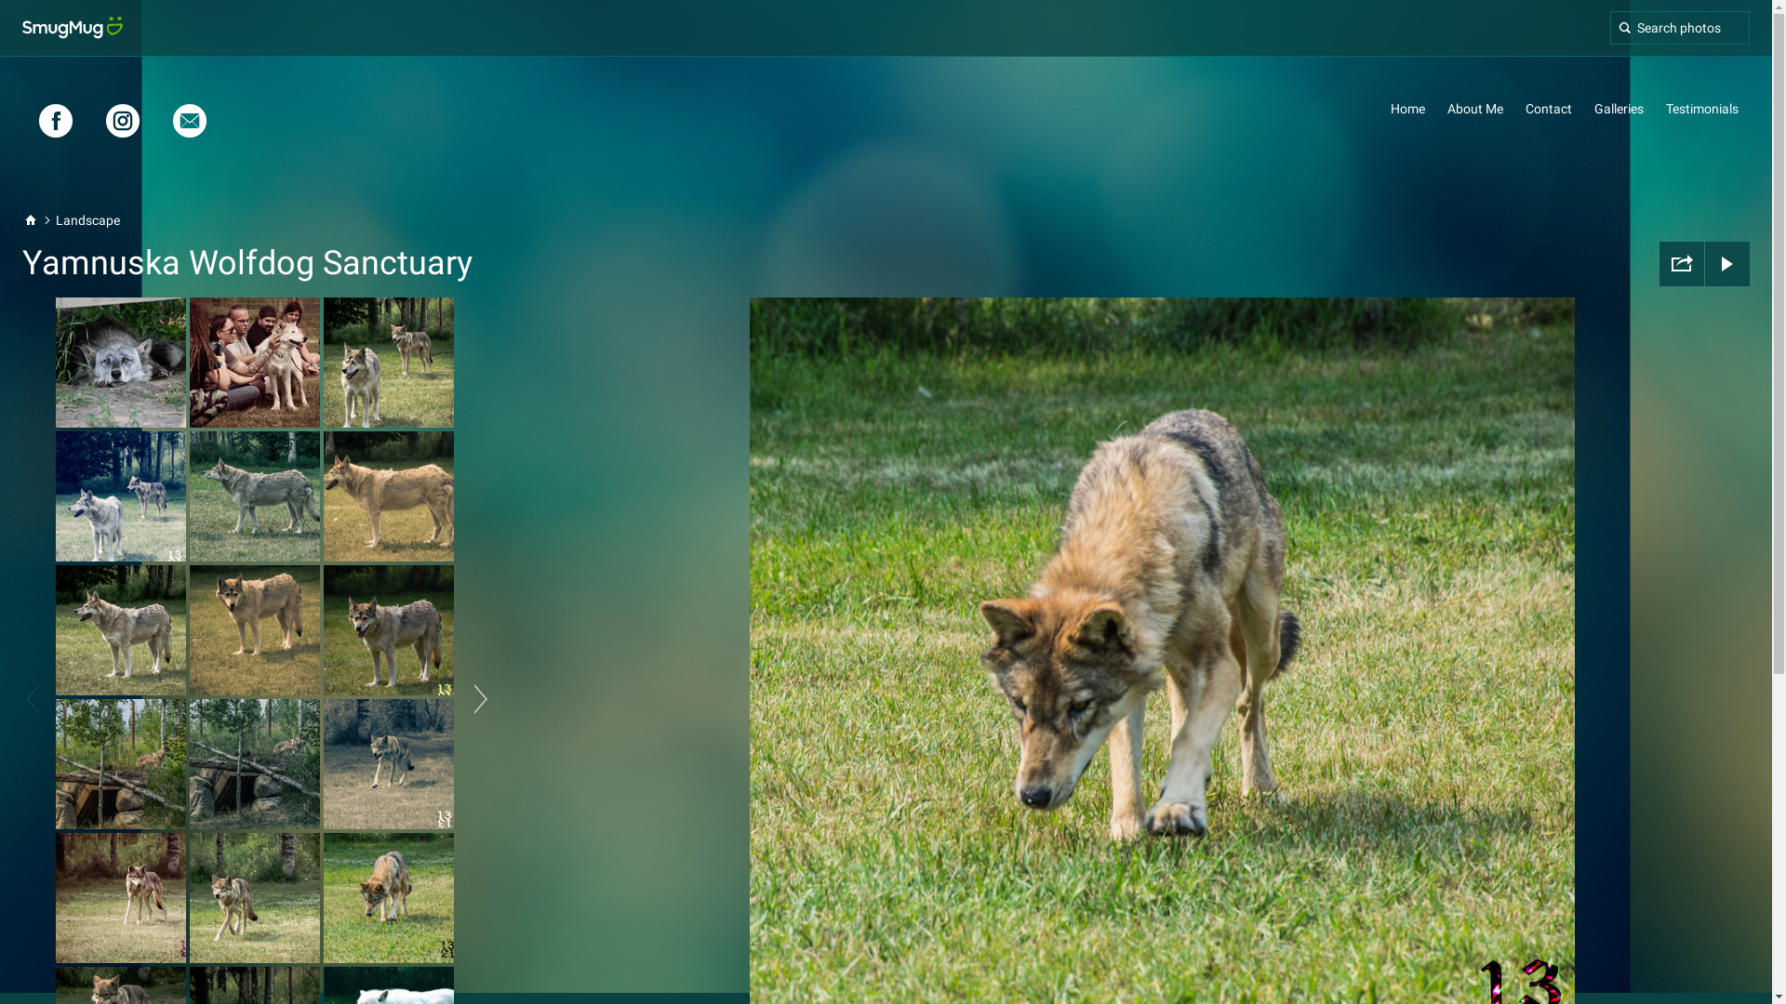  What do you see at coordinates (1618, 108) in the screenshot?
I see `'Galleries'` at bounding box center [1618, 108].